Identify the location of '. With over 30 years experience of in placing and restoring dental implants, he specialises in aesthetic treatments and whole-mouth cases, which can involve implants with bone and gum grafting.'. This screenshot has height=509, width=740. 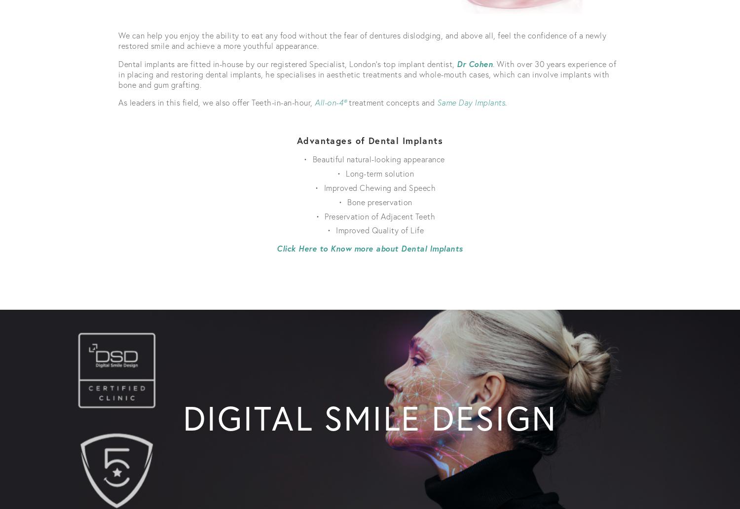
(368, 73).